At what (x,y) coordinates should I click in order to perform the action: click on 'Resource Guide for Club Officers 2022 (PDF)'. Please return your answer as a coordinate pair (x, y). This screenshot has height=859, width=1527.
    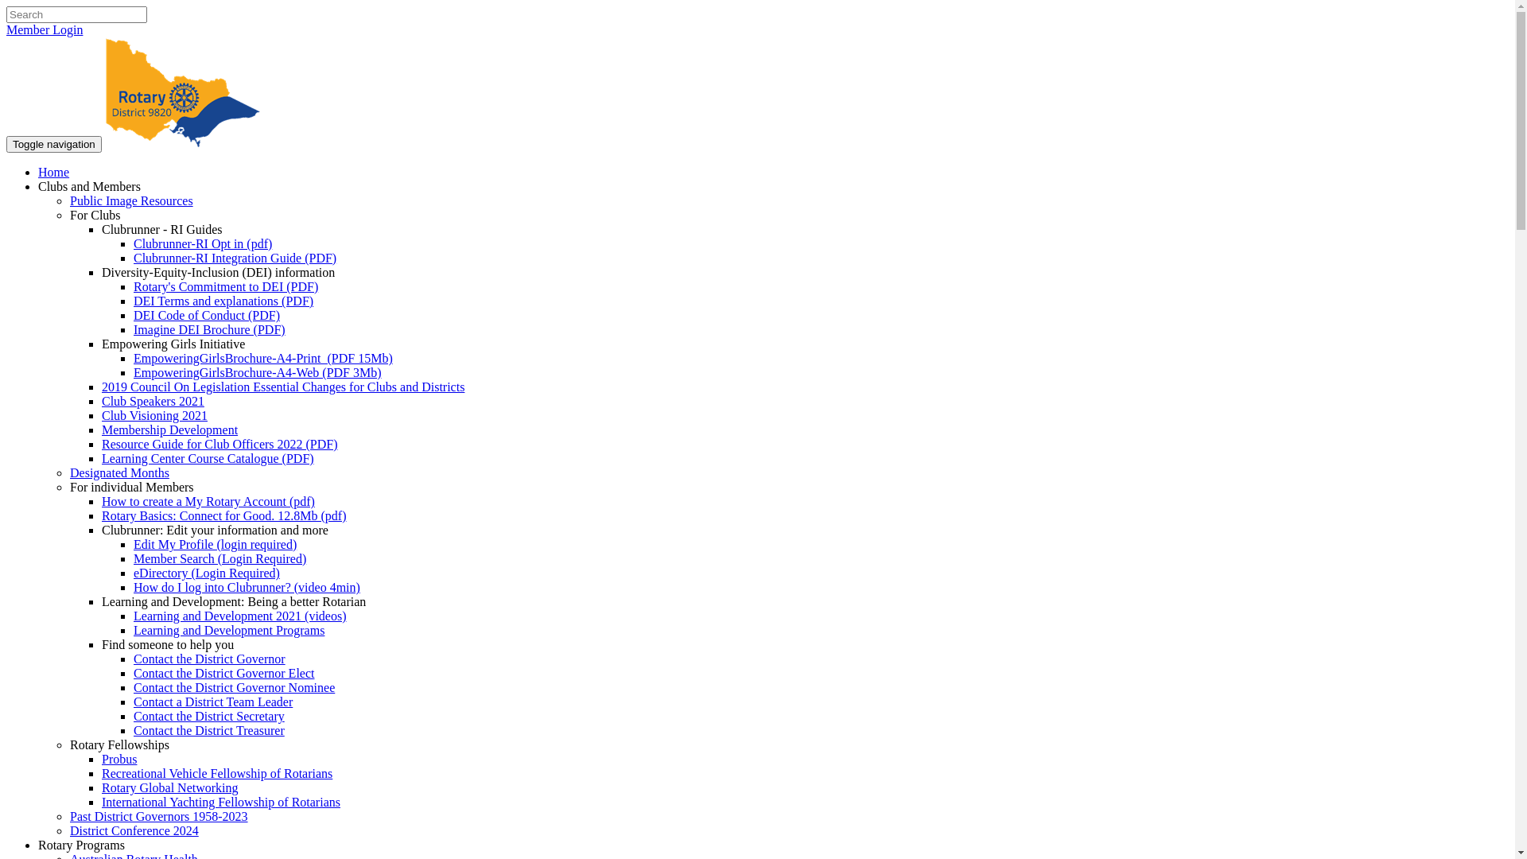
    Looking at the image, I should click on (219, 444).